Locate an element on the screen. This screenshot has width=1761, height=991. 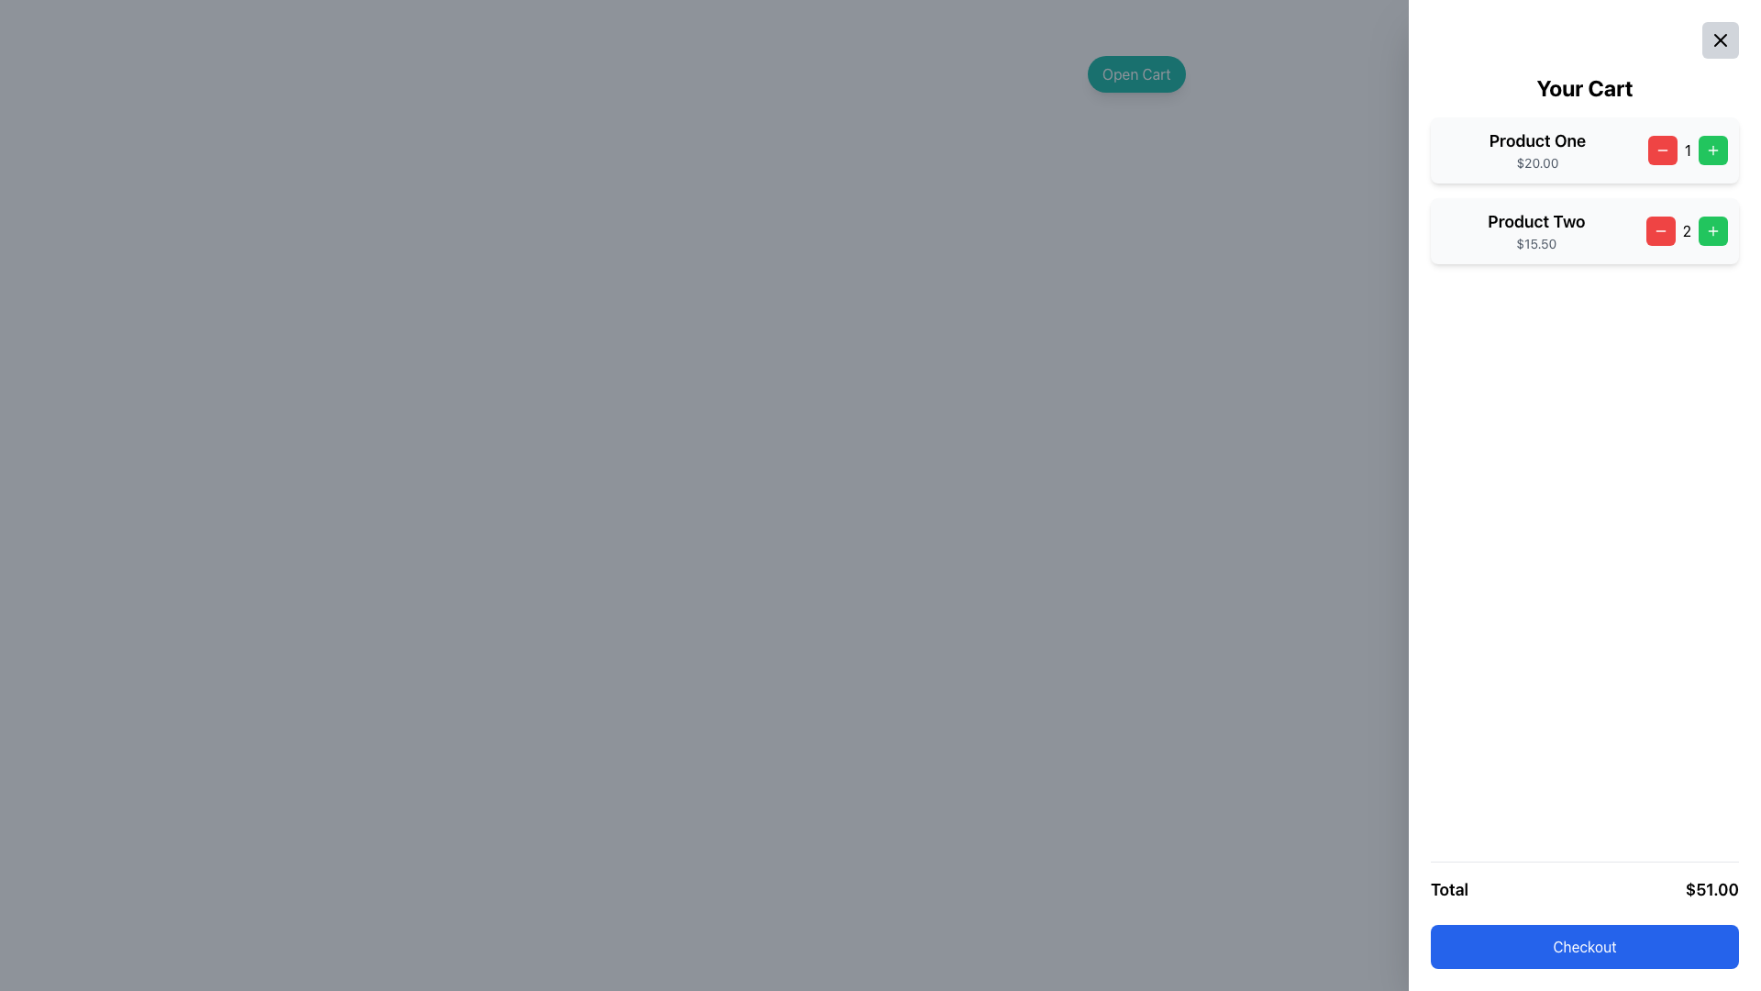
the checkout button located at the bottom of the visible cart summary in the sidebar, directly below the 'Total' label, to initiate the checkout process is located at coordinates (1584, 947).